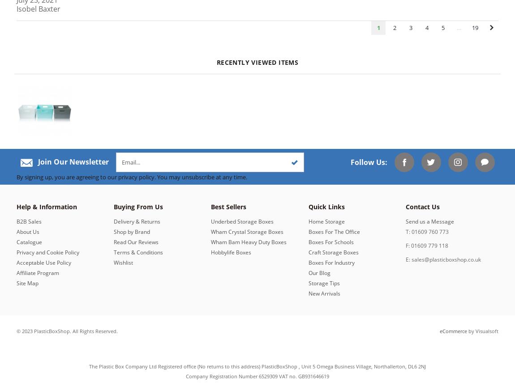  I want to click on 'Recently Viewed Items', so click(257, 62).